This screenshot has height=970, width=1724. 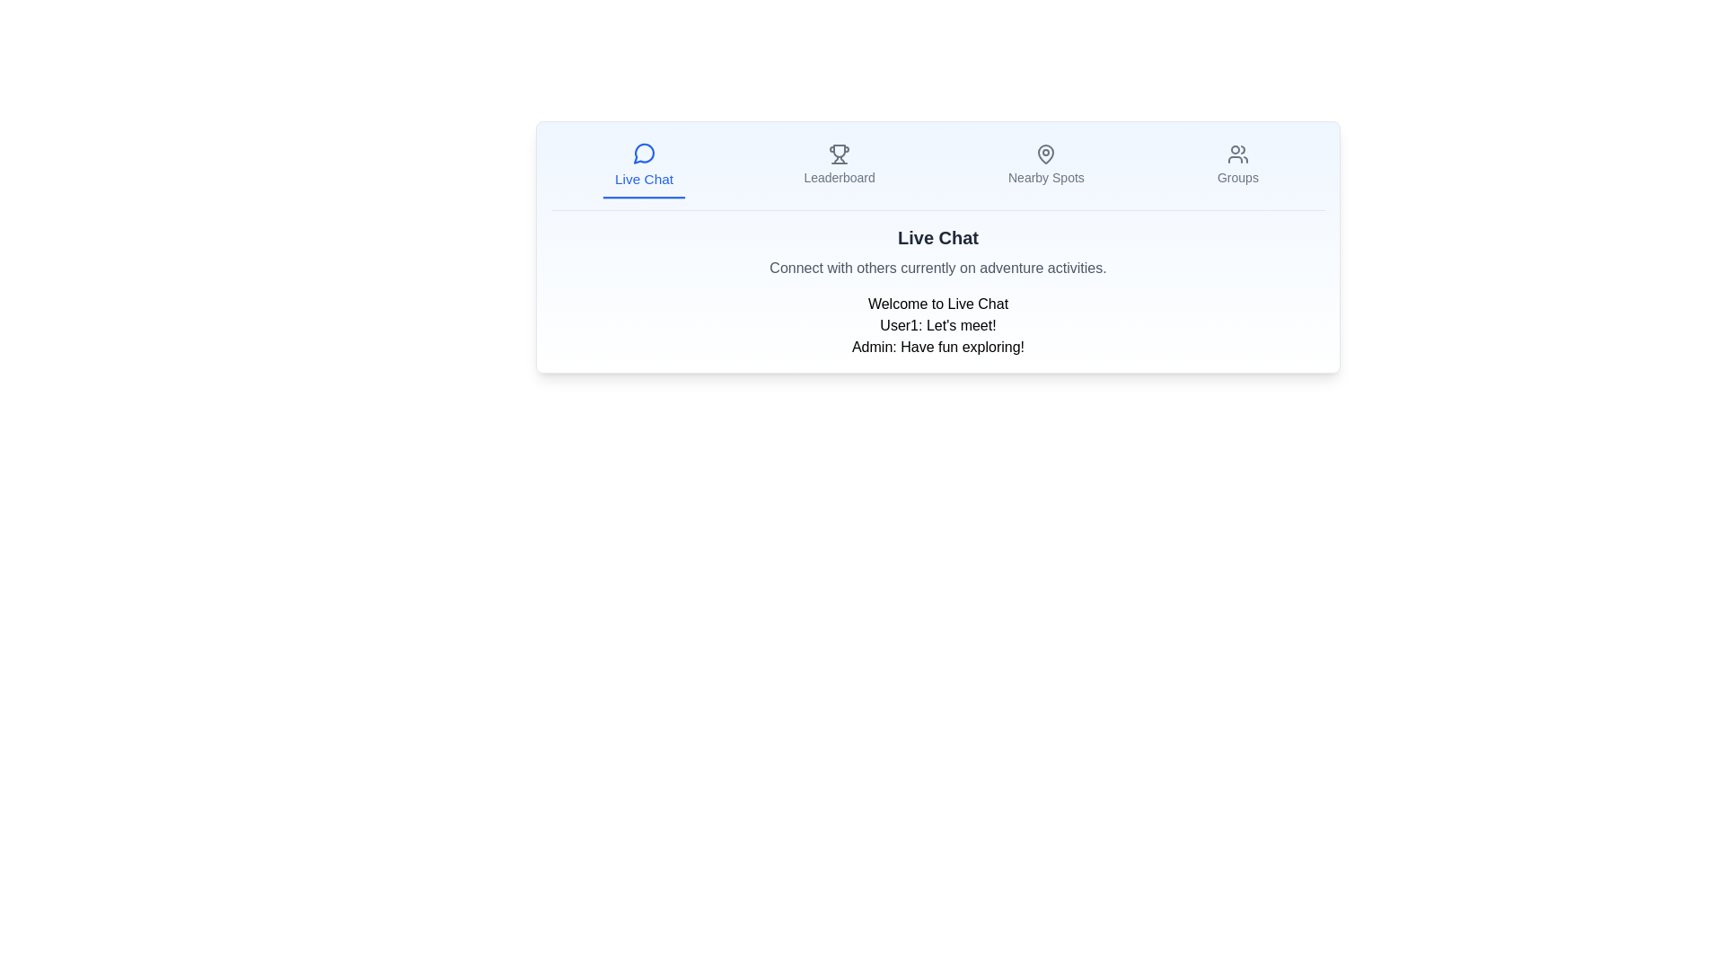 What do you see at coordinates (839, 166) in the screenshot?
I see `the 'Leaderboard' interactive navigation button, which is styled with a trophy icon and is the second item in the horizontal navigation bar` at bounding box center [839, 166].